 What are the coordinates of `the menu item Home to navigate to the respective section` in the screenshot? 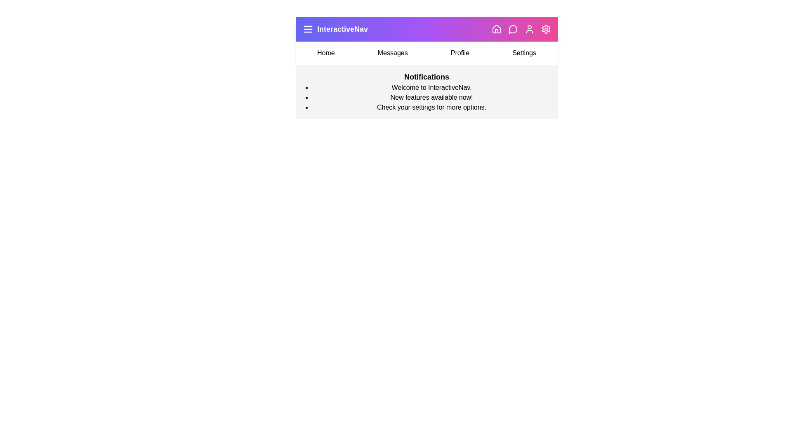 It's located at (325, 53).